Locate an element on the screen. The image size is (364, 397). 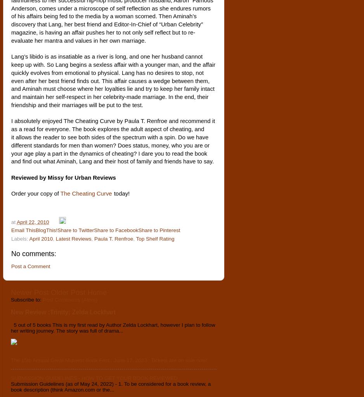
'Submission Guidelines (as of May 24, 2022) -       1. To be considered for a book review, a book description (think Amazon.com or the...' is located at coordinates (111, 386).